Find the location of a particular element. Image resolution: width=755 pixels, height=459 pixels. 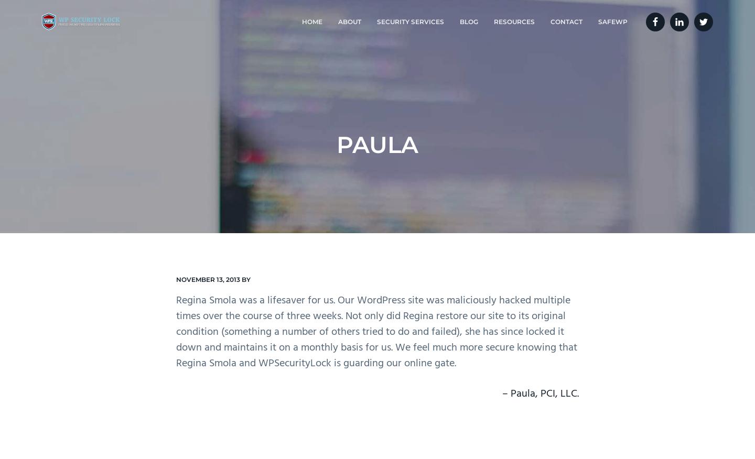

'November 13, 2013' is located at coordinates (176, 279).